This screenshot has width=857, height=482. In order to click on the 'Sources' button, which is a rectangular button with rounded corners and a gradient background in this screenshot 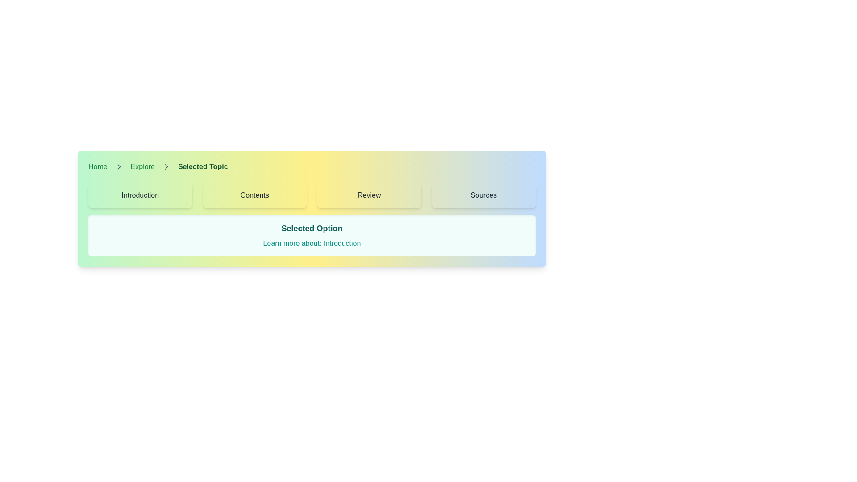, I will do `click(483, 195)`.